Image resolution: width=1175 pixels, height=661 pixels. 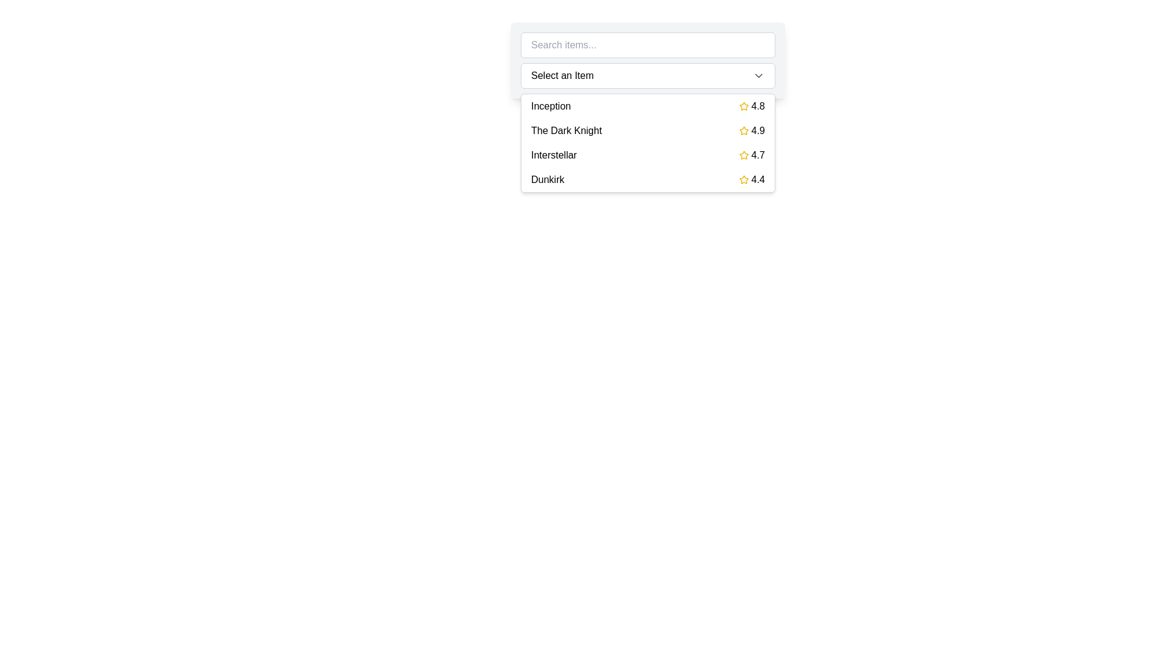 What do you see at coordinates (743, 130) in the screenshot?
I see `the rating indication icon next to 'The Dark Knight' in the list, which visually represents a score or ranking` at bounding box center [743, 130].